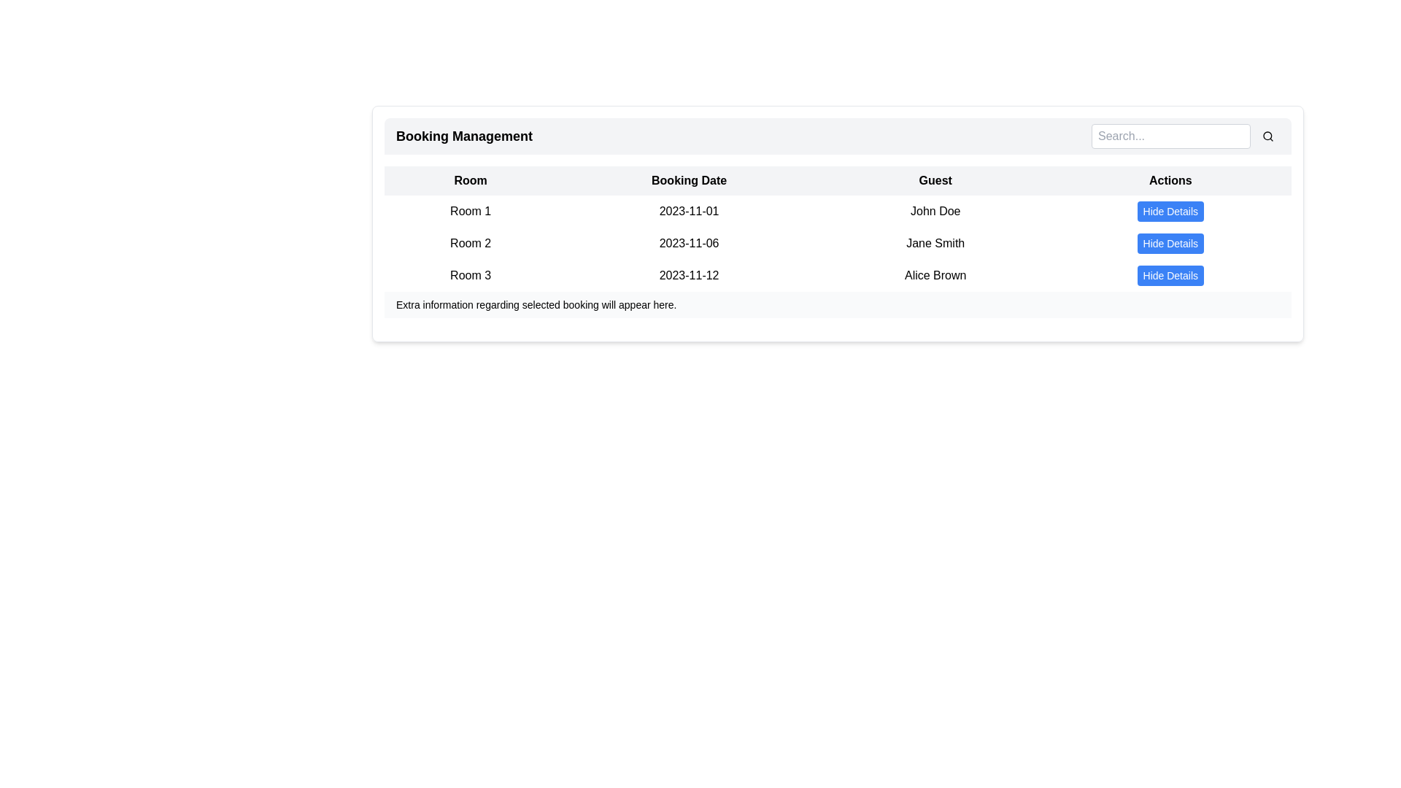 Image resolution: width=1401 pixels, height=788 pixels. What do you see at coordinates (1170, 243) in the screenshot?
I see `the rectangular blue button labeled 'Hide Details' in the Actions column, second row associated with Jane Smith` at bounding box center [1170, 243].